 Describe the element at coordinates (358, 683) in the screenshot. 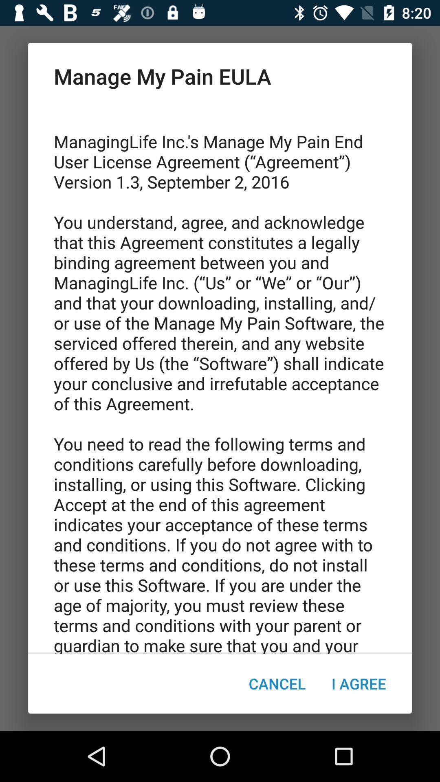

I see `icon below the managinglife inc s icon` at that location.